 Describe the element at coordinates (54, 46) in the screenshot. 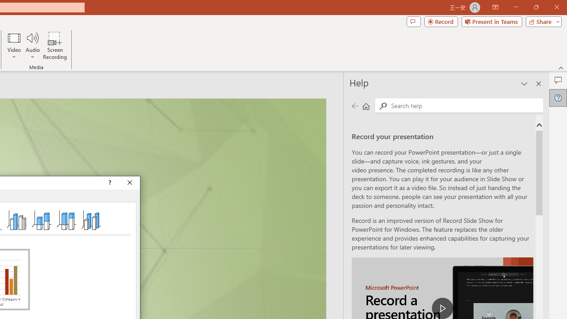

I see `'Screen Recording...'` at that location.